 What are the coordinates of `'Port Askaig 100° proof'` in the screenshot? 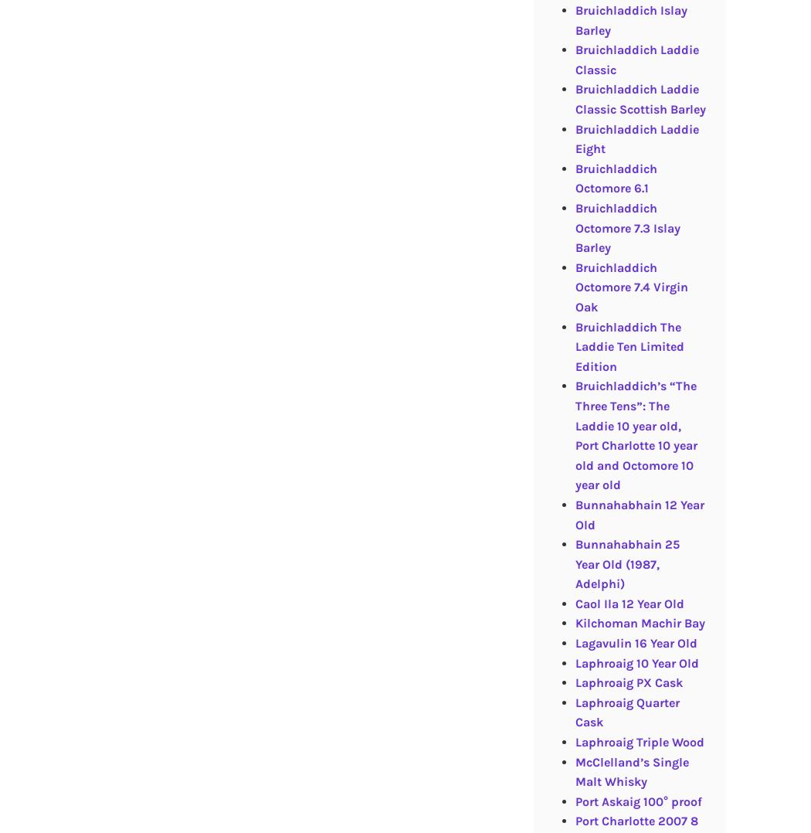 It's located at (638, 800).